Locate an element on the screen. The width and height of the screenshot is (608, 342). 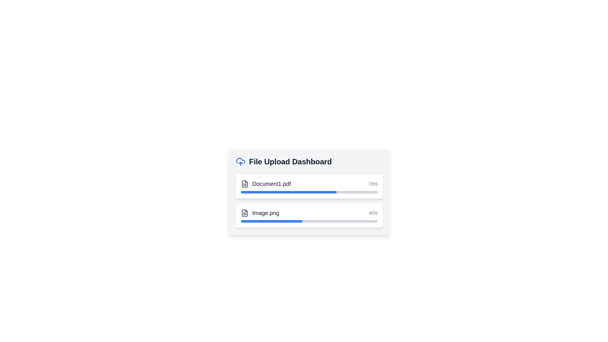
text content of the Text Label displaying 'Image.png', which is styled with a medium-sized, bold font and is located beside a file icon in the second row of the file upload dashboard UI is located at coordinates (266, 213).